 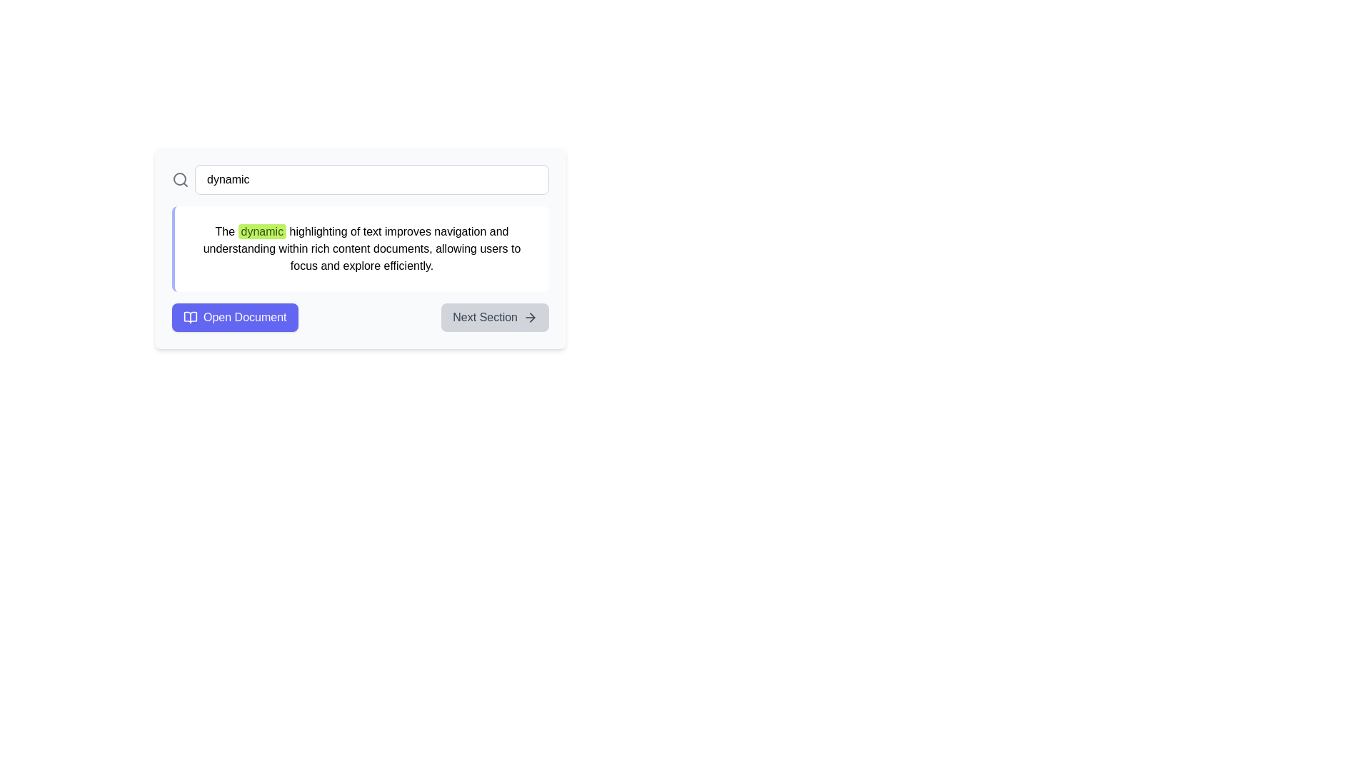 I want to click on the button labeled 'Next Section' with a grey background and dark text, so click(x=495, y=316).